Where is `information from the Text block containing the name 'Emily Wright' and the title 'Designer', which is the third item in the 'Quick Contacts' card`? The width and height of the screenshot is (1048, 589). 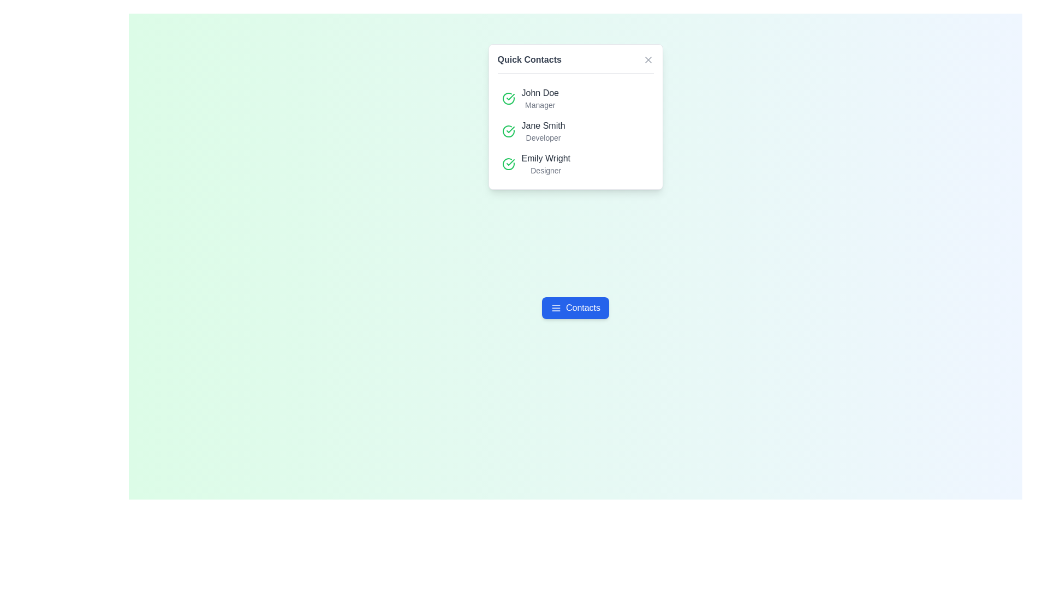
information from the Text block containing the name 'Emily Wright' and the title 'Designer', which is the third item in the 'Quick Contacts' card is located at coordinates (546, 164).